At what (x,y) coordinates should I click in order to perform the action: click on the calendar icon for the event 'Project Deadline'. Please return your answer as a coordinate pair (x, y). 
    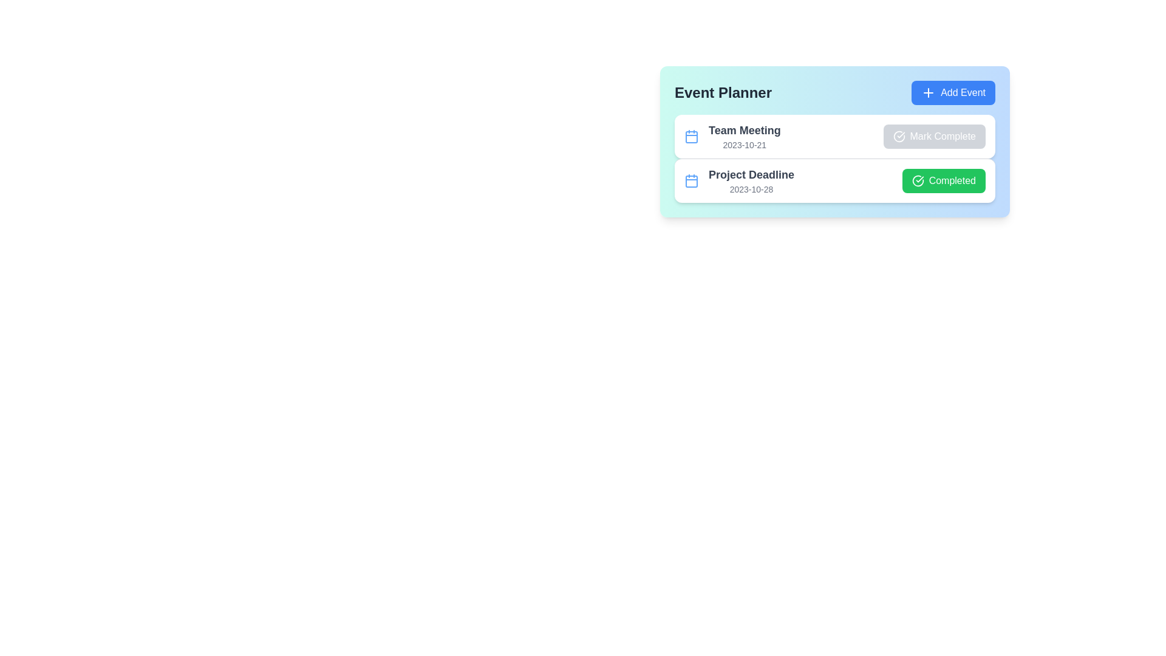
    Looking at the image, I should click on (691, 180).